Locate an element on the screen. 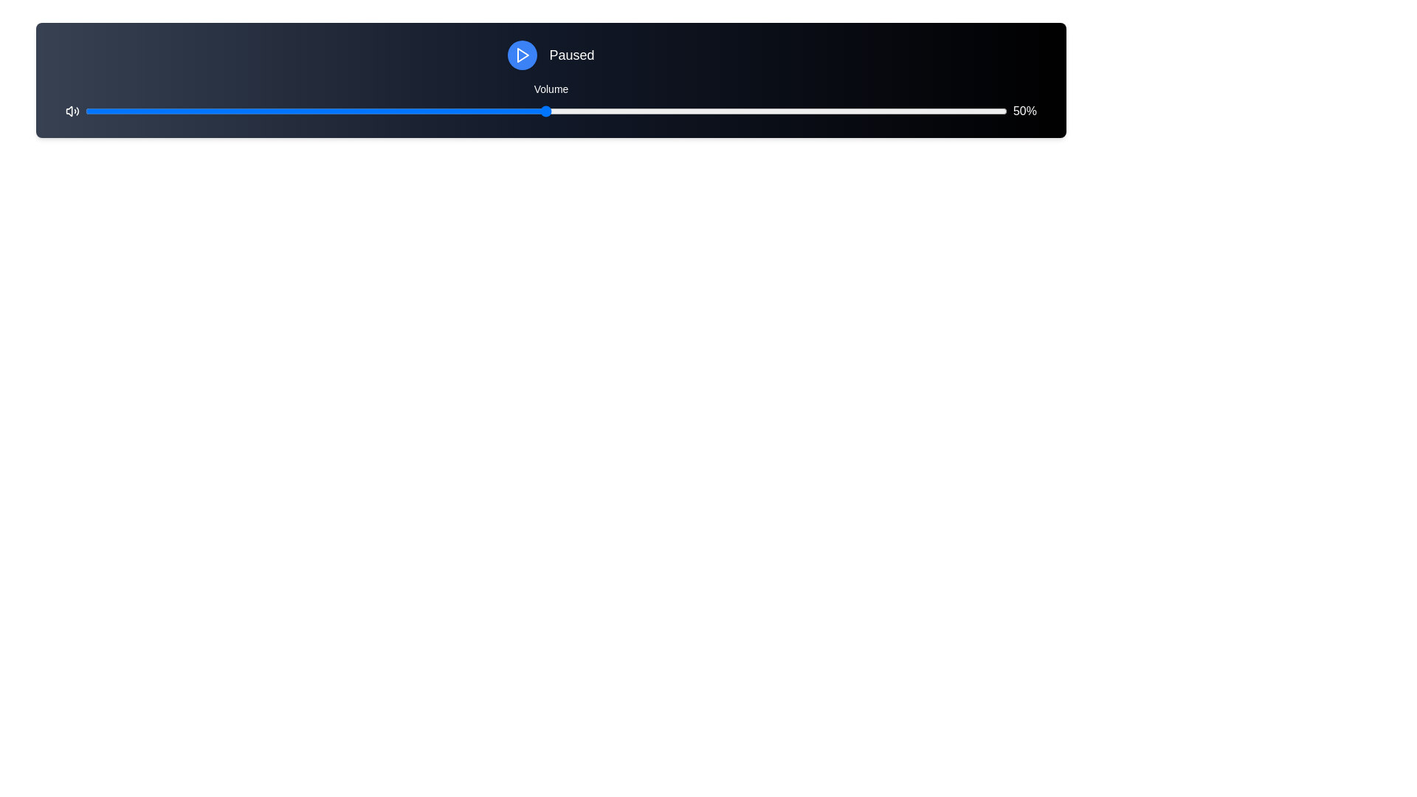 The width and height of the screenshot is (1417, 797). the volume is located at coordinates (804, 110).